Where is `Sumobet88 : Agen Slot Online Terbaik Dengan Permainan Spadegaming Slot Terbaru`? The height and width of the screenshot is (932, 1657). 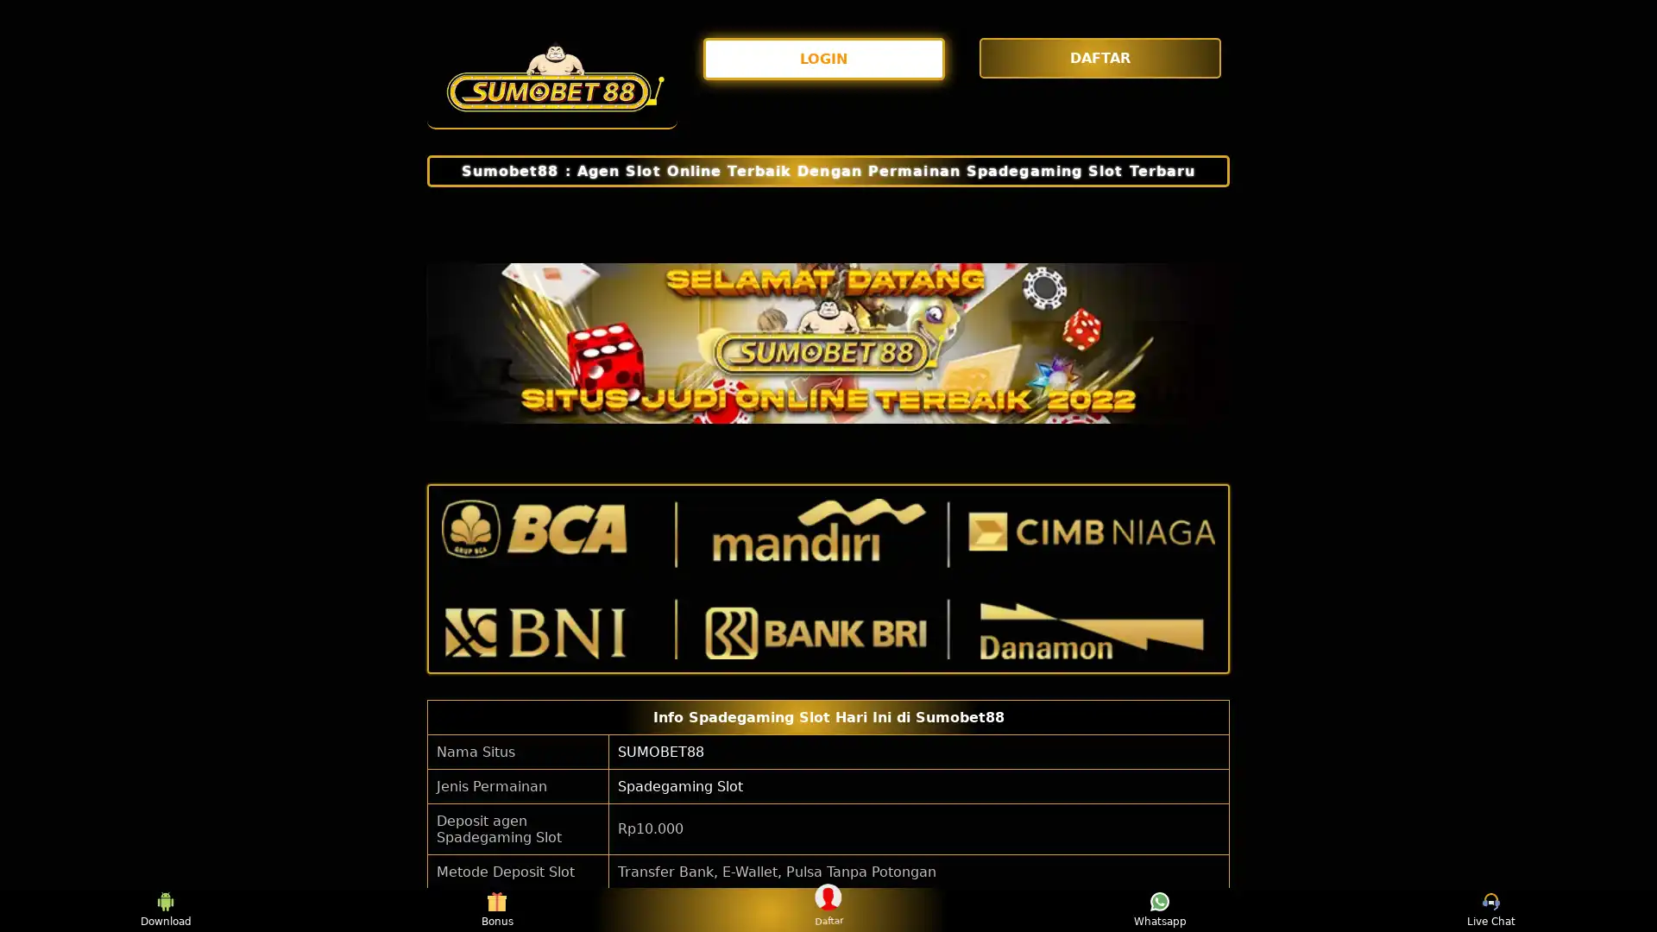 Sumobet88 : Agen Slot Online Terbaik Dengan Permainan Spadegaming Slot Terbaru is located at coordinates (828, 170).